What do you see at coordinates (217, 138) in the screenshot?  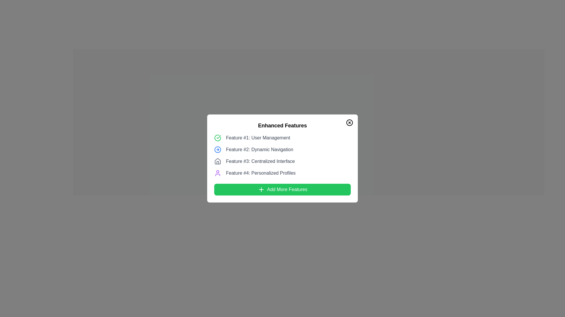 I see `the icon indicating the completion or activation of the 'User Management' feature, which is positioned to the left of the text 'Feature #1: User Management' in the vertical list of icons` at bounding box center [217, 138].